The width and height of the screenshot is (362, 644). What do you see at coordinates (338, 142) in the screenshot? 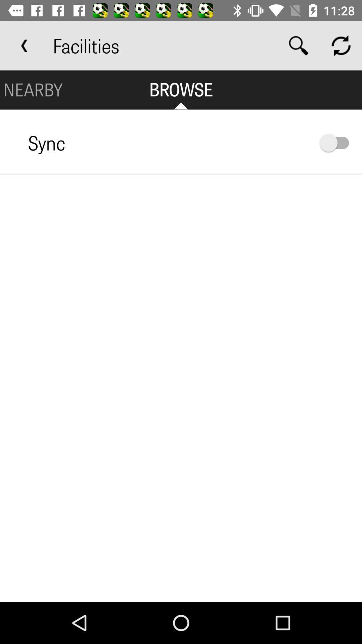
I see `item to the right of sync icon` at bounding box center [338, 142].